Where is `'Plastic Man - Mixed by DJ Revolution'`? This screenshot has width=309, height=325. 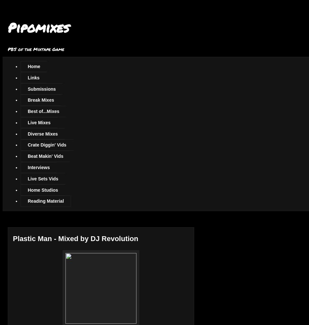
'Plastic Man - Mixed by DJ Revolution' is located at coordinates (75, 238).